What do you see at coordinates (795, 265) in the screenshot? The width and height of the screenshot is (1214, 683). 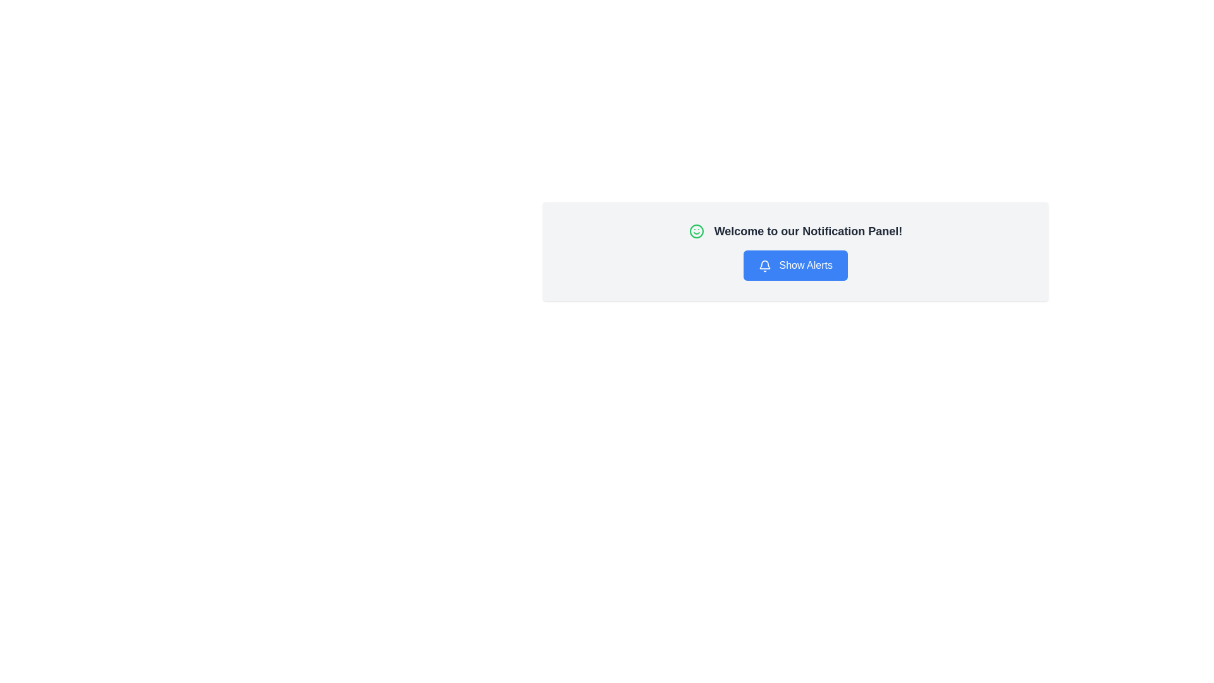 I see `the rectangular blue button labeled 'Show Alerts' located beneath the 'Welcome to our Notification Panel!' text` at bounding box center [795, 265].